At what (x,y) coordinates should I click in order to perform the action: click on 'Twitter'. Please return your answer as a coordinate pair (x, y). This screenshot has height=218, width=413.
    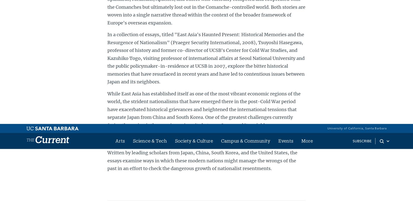
    Looking at the image, I should click on (325, 21).